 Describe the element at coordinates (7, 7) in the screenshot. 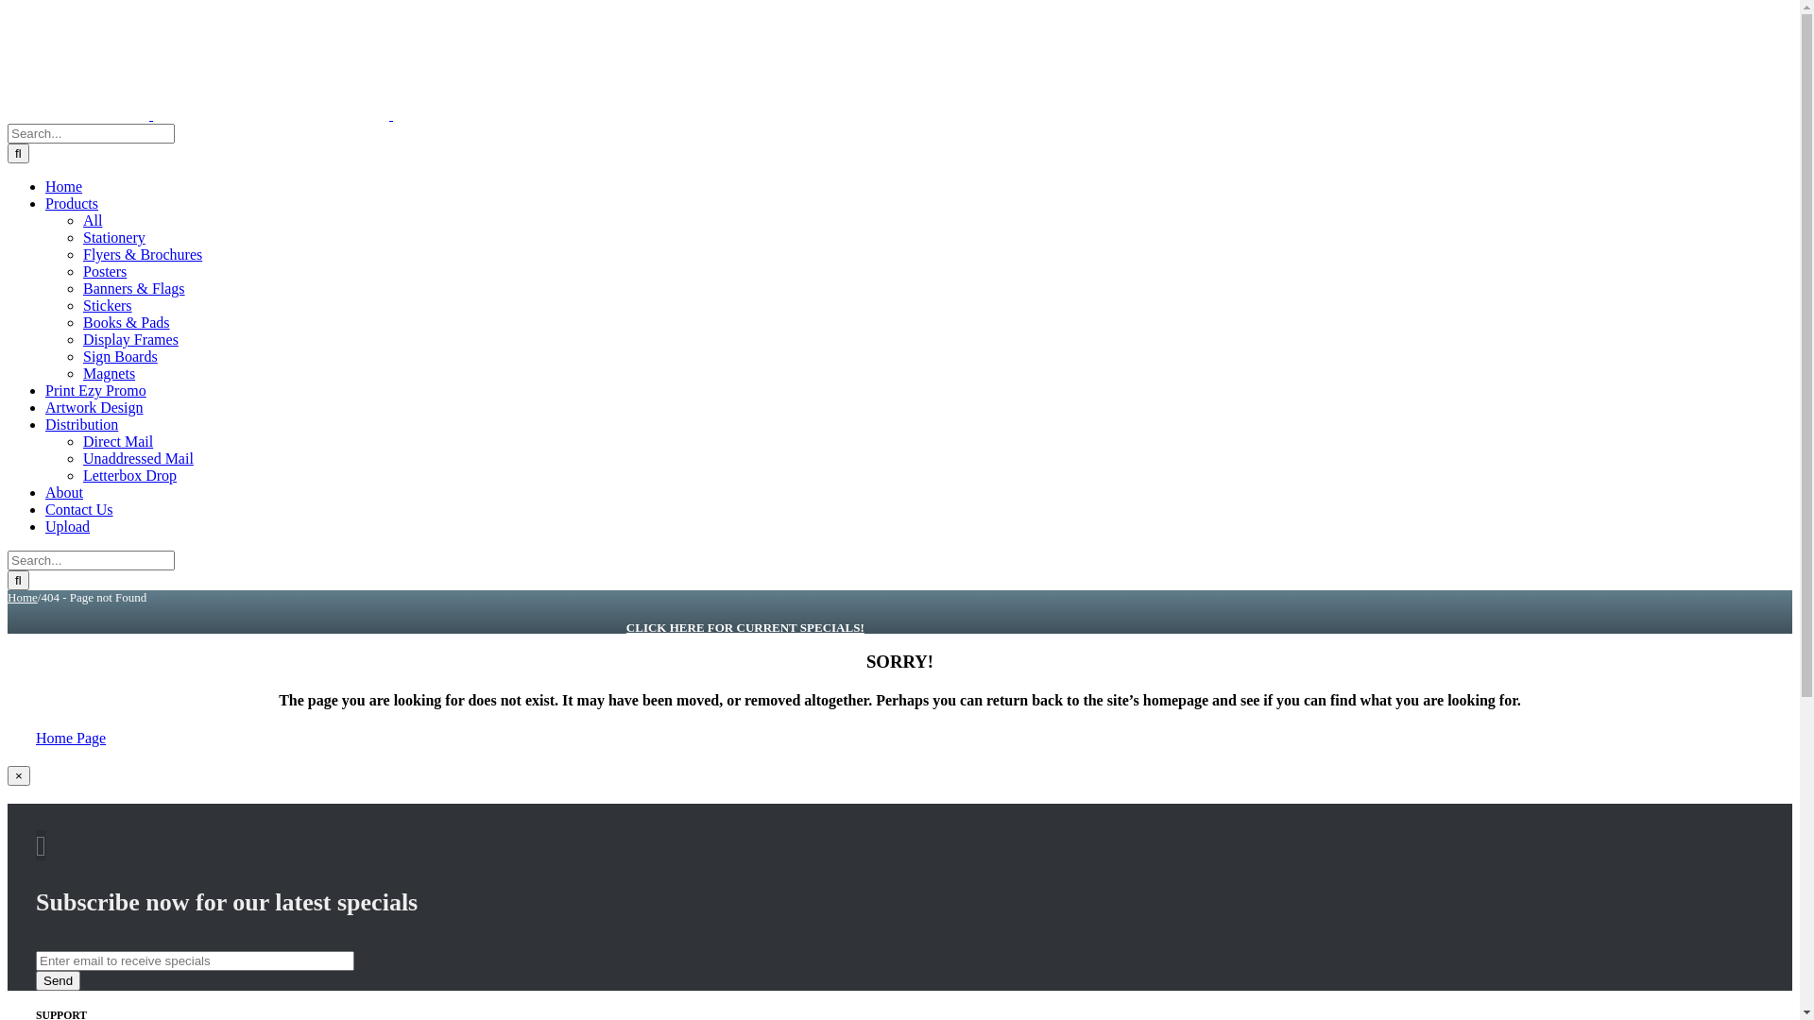

I see `'Skip to content'` at that location.